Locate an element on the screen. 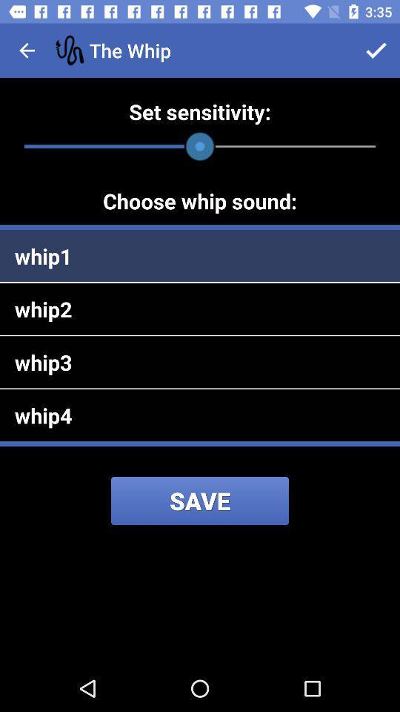 The height and width of the screenshot is (712, 400). the icon above set sensitivity: is located at coordinates (27, 50).